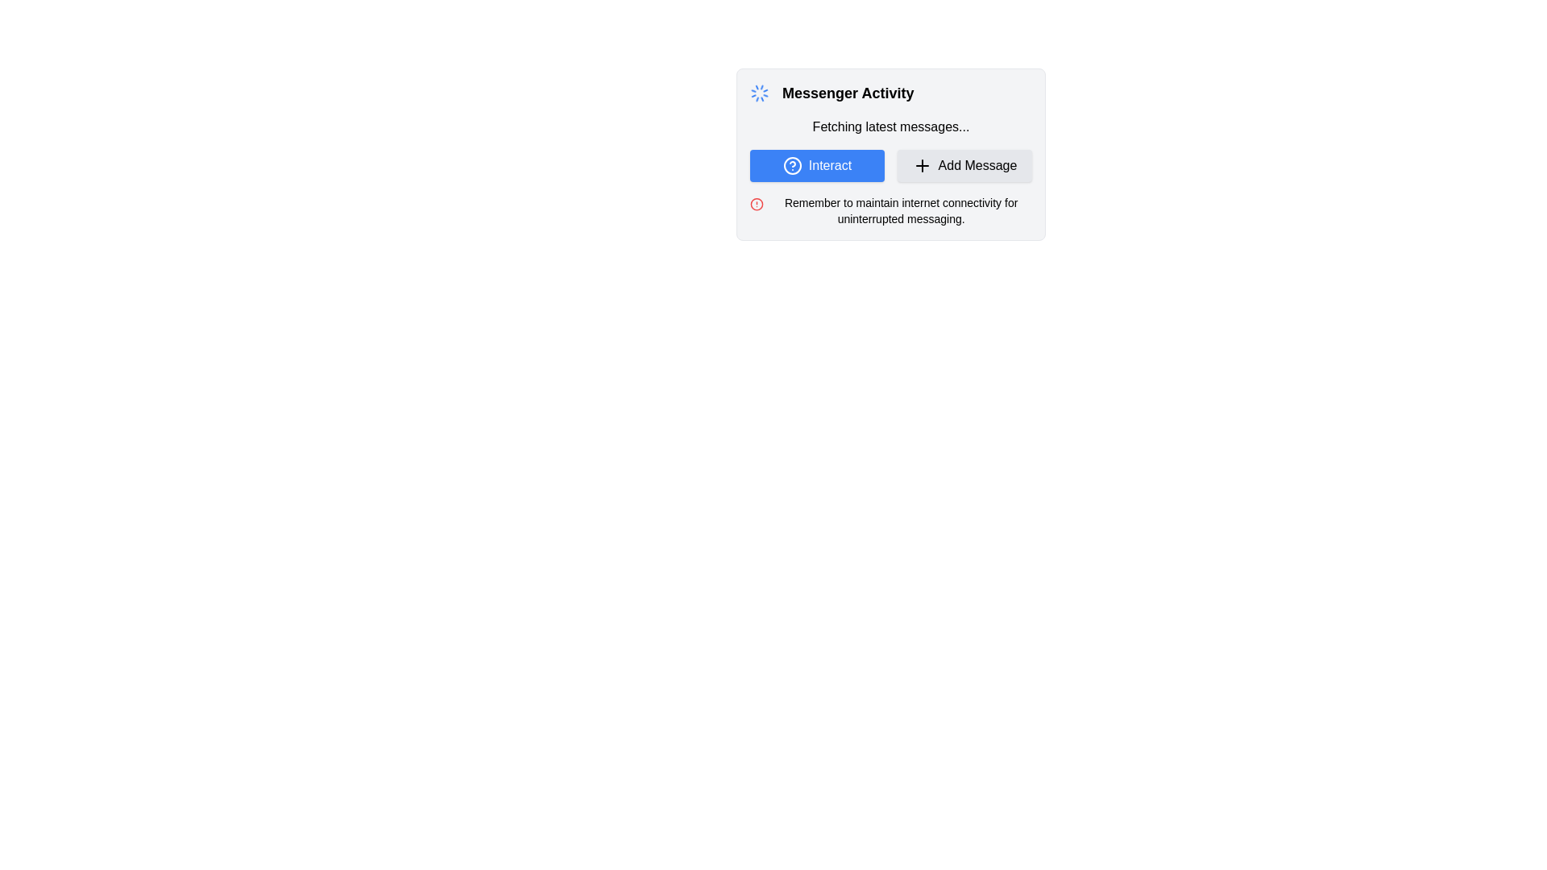 This screenshot has height=870, width=1547. Describe the element at coordinates (890, 165) in the screenshot. I see `the button group containing the 'Interact' and 'Add Message' buttons` at that location.